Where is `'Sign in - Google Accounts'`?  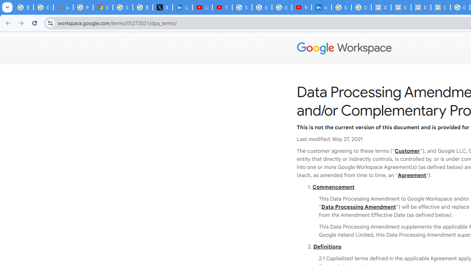 'Sign in - Google Accounts' is located at coordinates (242, 7).